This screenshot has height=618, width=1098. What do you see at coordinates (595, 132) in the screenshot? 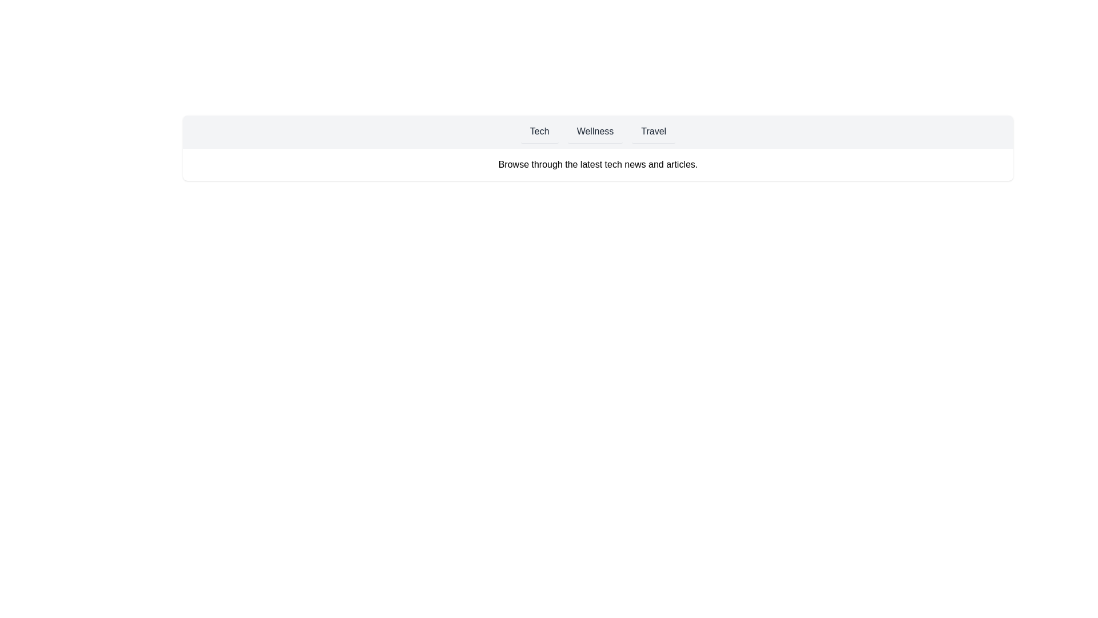
I see `the Wellness tab to view its hover effect` at bounding box center [595, 132].